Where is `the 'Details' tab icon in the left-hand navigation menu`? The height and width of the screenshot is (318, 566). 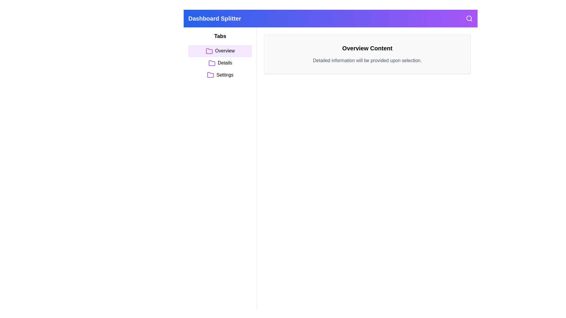
the 'Details' tab icon in the left-hand navigation menu is located at coordinates (212, 63).